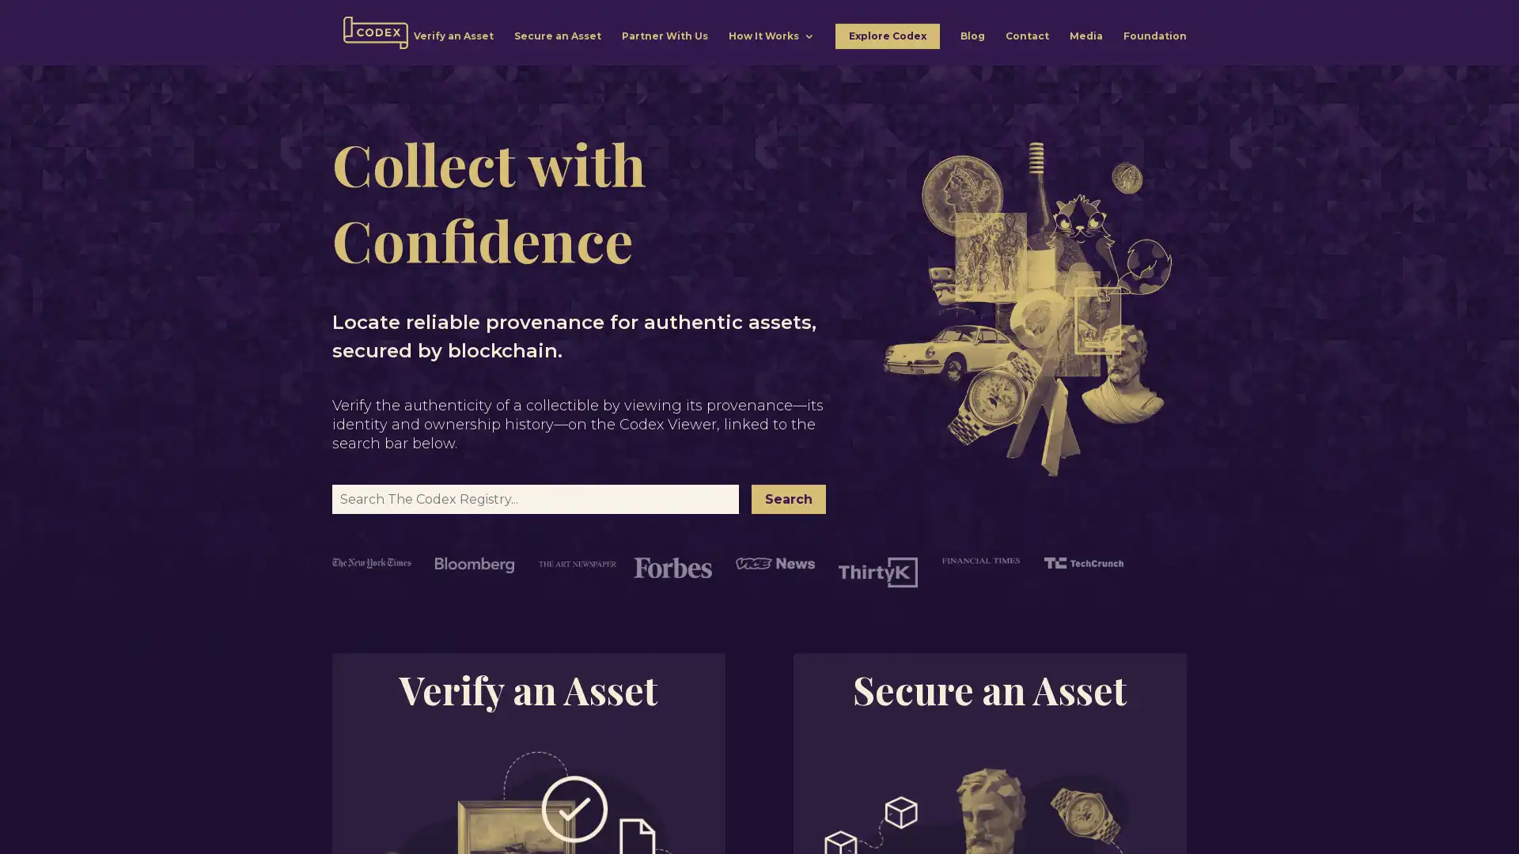  I want to click on Search, so click(789, 499).